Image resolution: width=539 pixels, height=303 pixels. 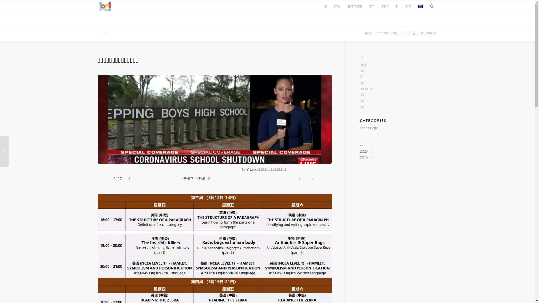 What do you see at coordinates (369, 128) in the screenshot?
I see `'Front Page'` at bounding box center [369, 128].